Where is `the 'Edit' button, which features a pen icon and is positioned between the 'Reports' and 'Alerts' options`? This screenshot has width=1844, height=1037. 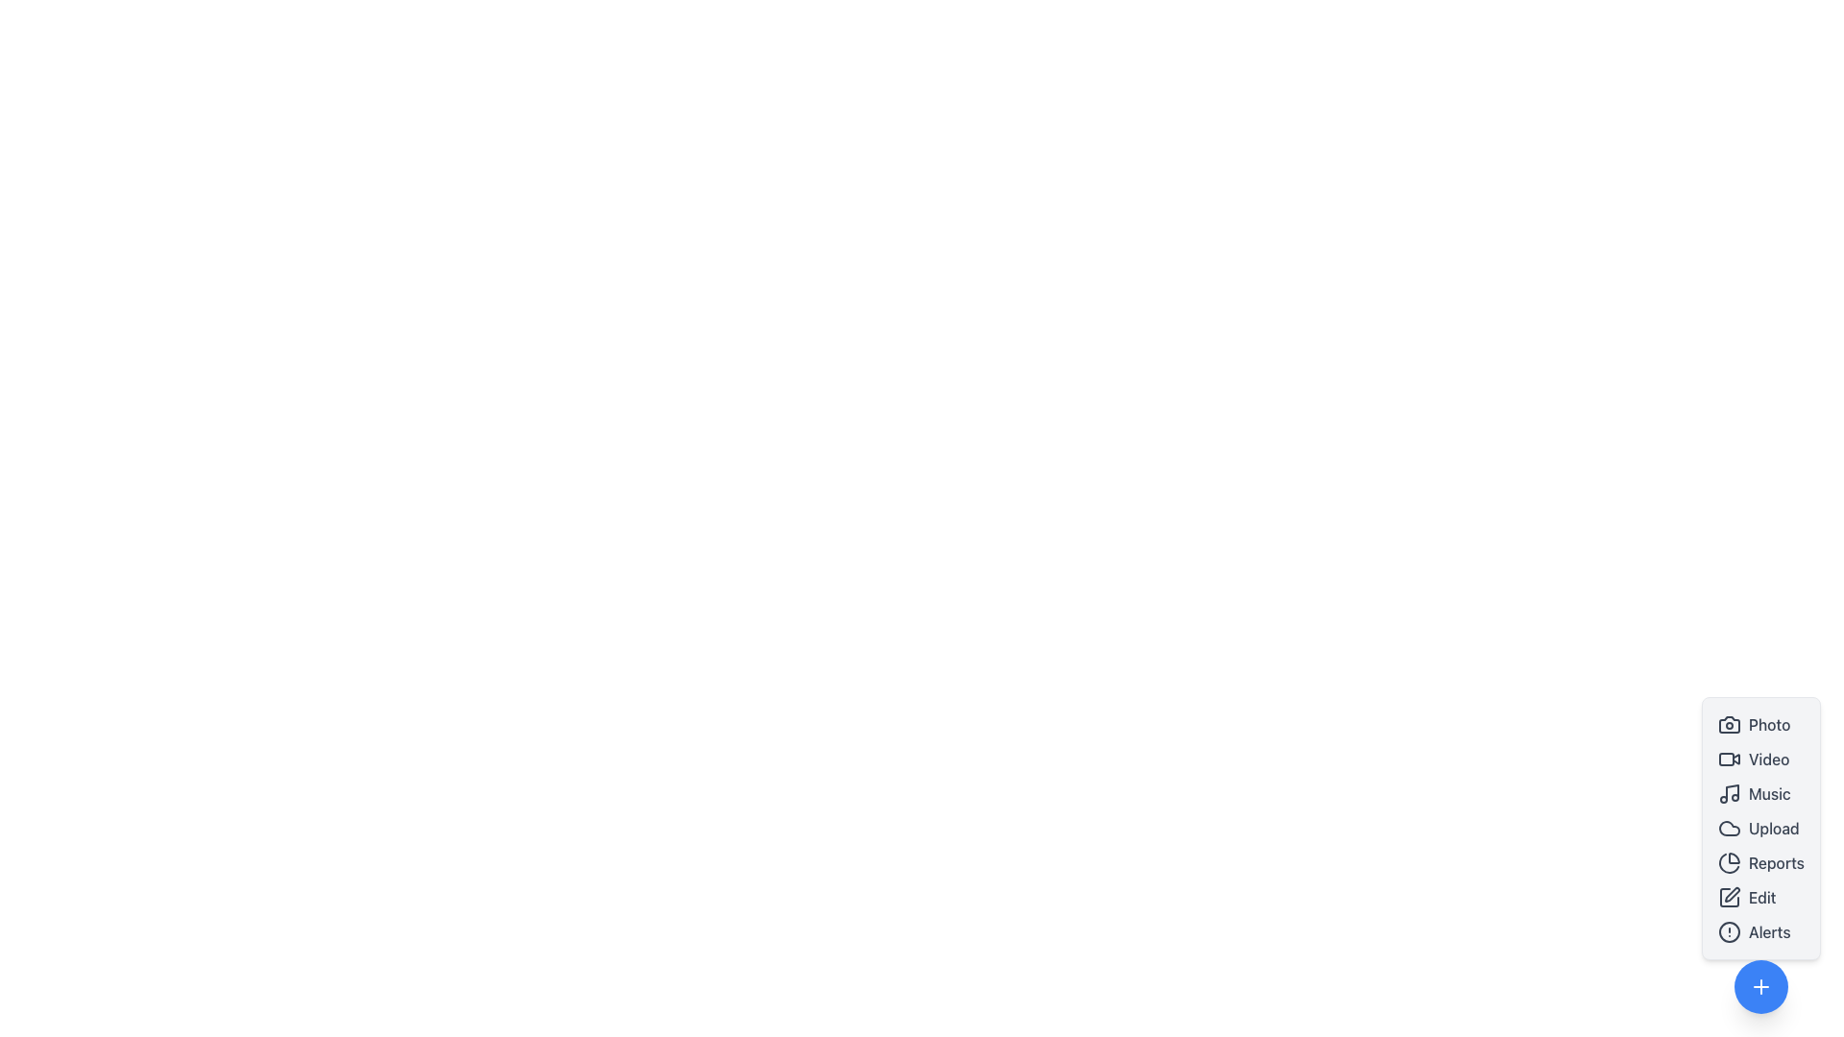
the 'Edit' button, which features a pen icon and is positioned between the 'Reports' and 'Alerts' options is located at coordinates (1747, 897).